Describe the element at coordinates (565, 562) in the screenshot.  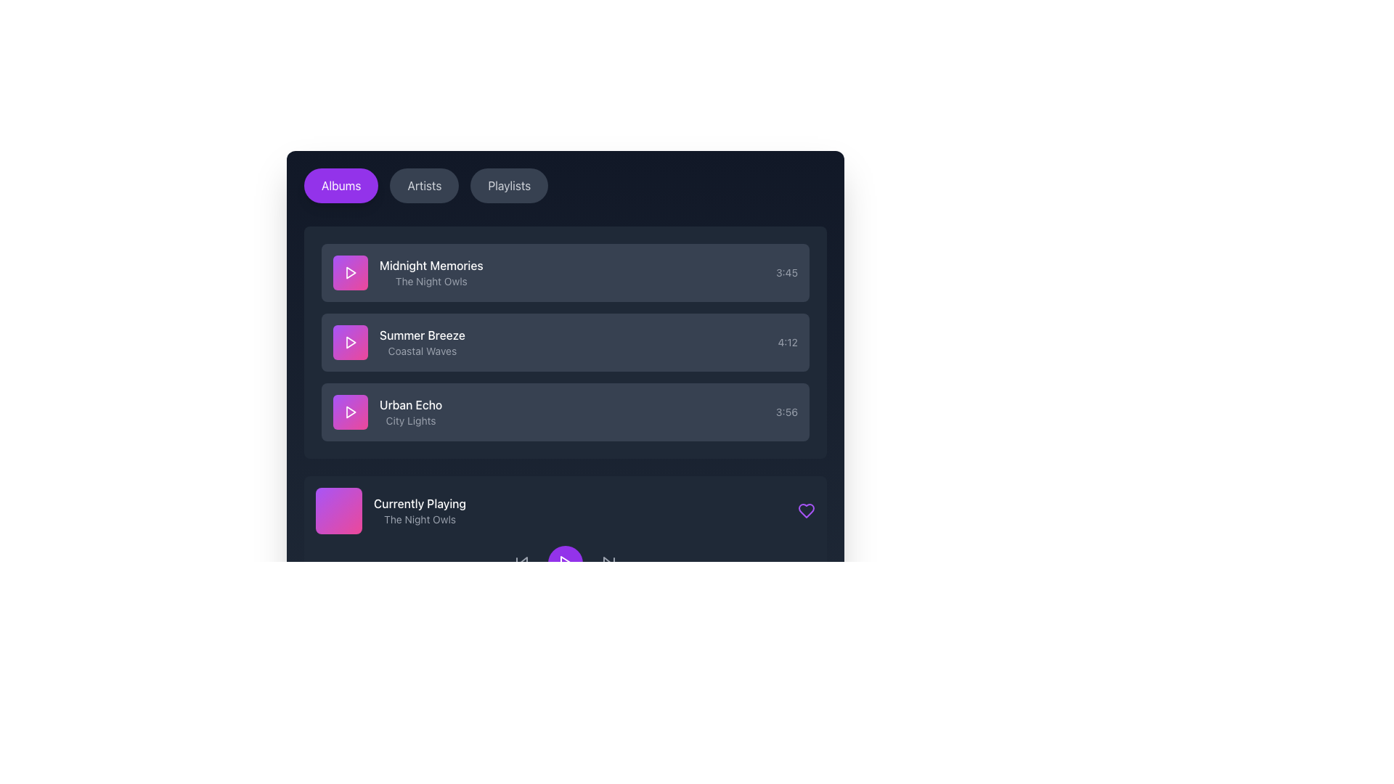
I see `the Play Icon (SVG) located in the lower portion of the application interface to initiate playback for the 'Currently Playing' audio or video track` at that location.